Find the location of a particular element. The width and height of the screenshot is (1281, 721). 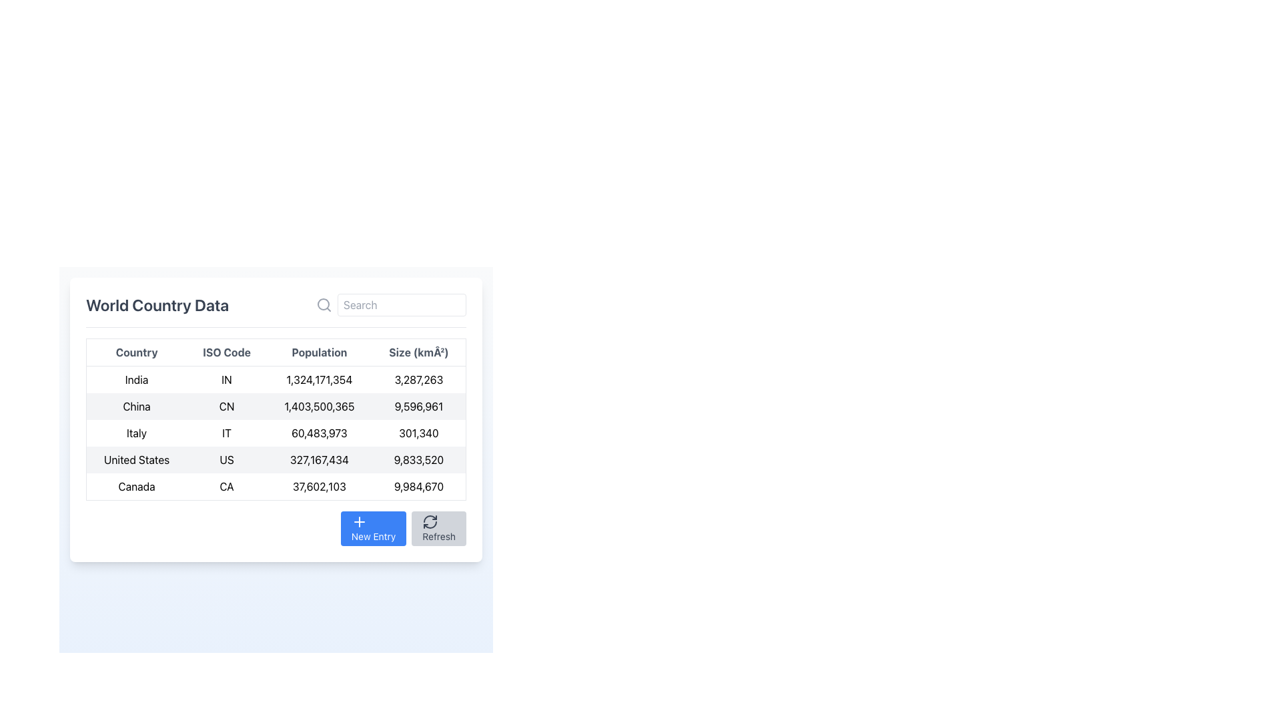

the circular part of the magnifying glass icon, located near the right edge of the header section of the data table interface, adjacent to the search input field is located at coordinates (323, 304).